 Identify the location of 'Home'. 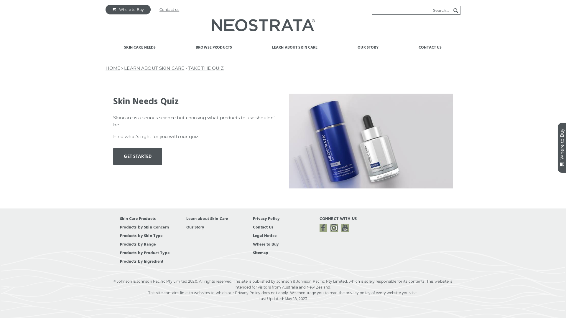
(263, 26).